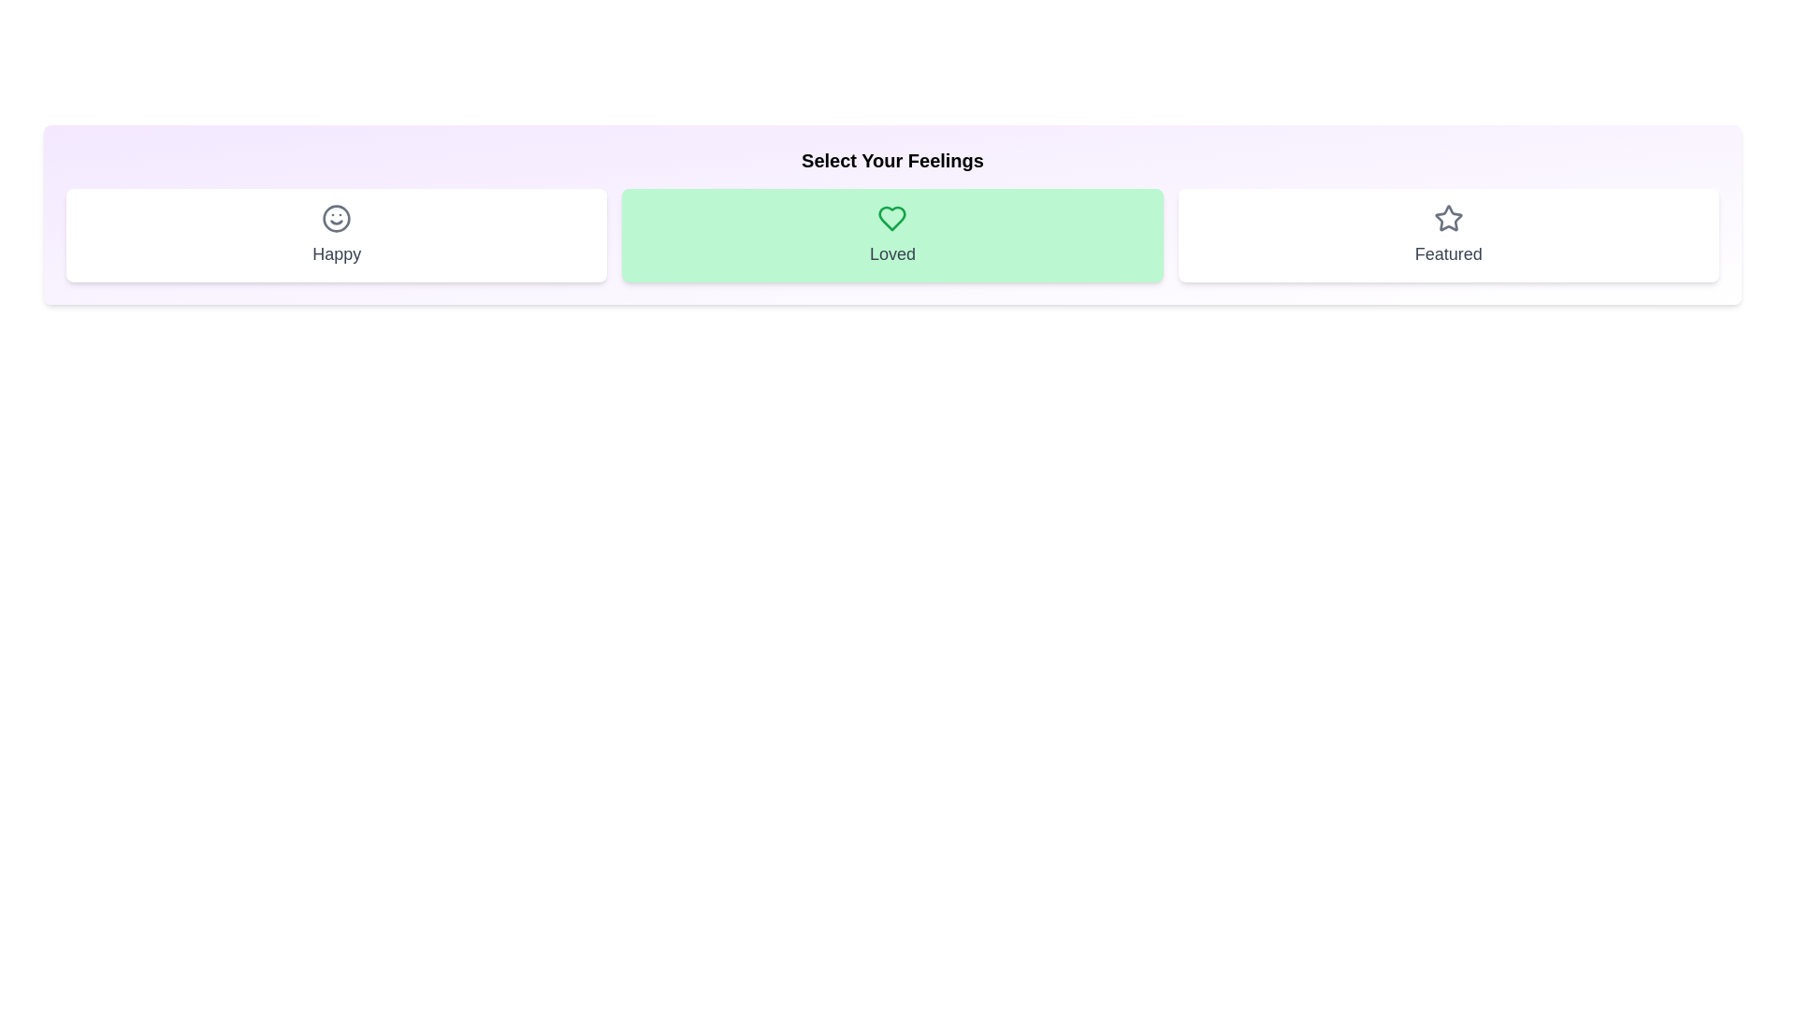 The image size is (1796, 1010). Describe the element at coordinates (1447, 218) in the screenshot. I see `the icon of the Featured chip` at that location.